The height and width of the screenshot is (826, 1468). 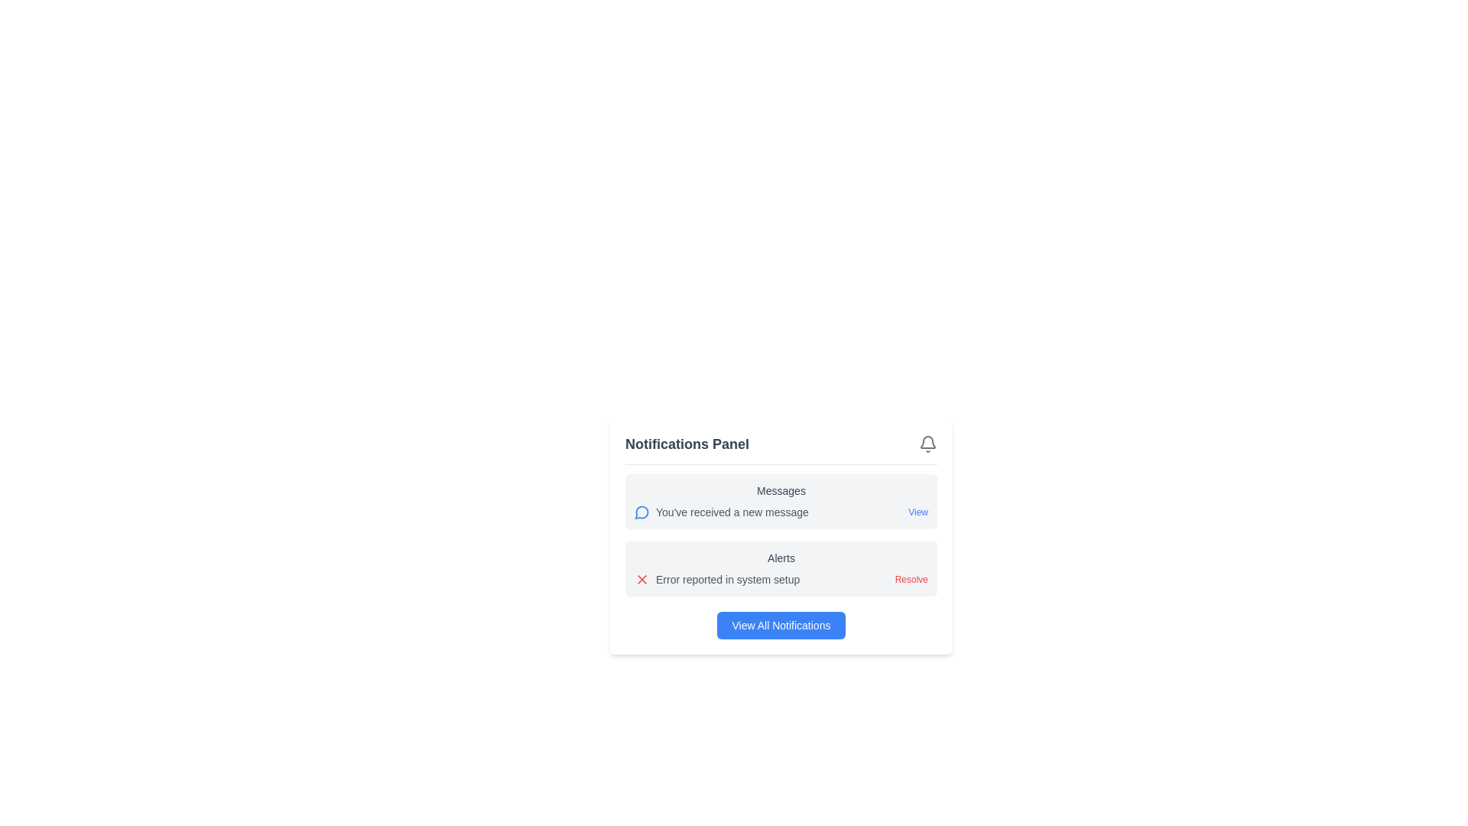 What do you see at coordinates (917, 512) in the screenshot?
I see `the 'View' hyperlink located in the notification box within the right-side section of the 'Messages' group` at bounding box center [917, 512].